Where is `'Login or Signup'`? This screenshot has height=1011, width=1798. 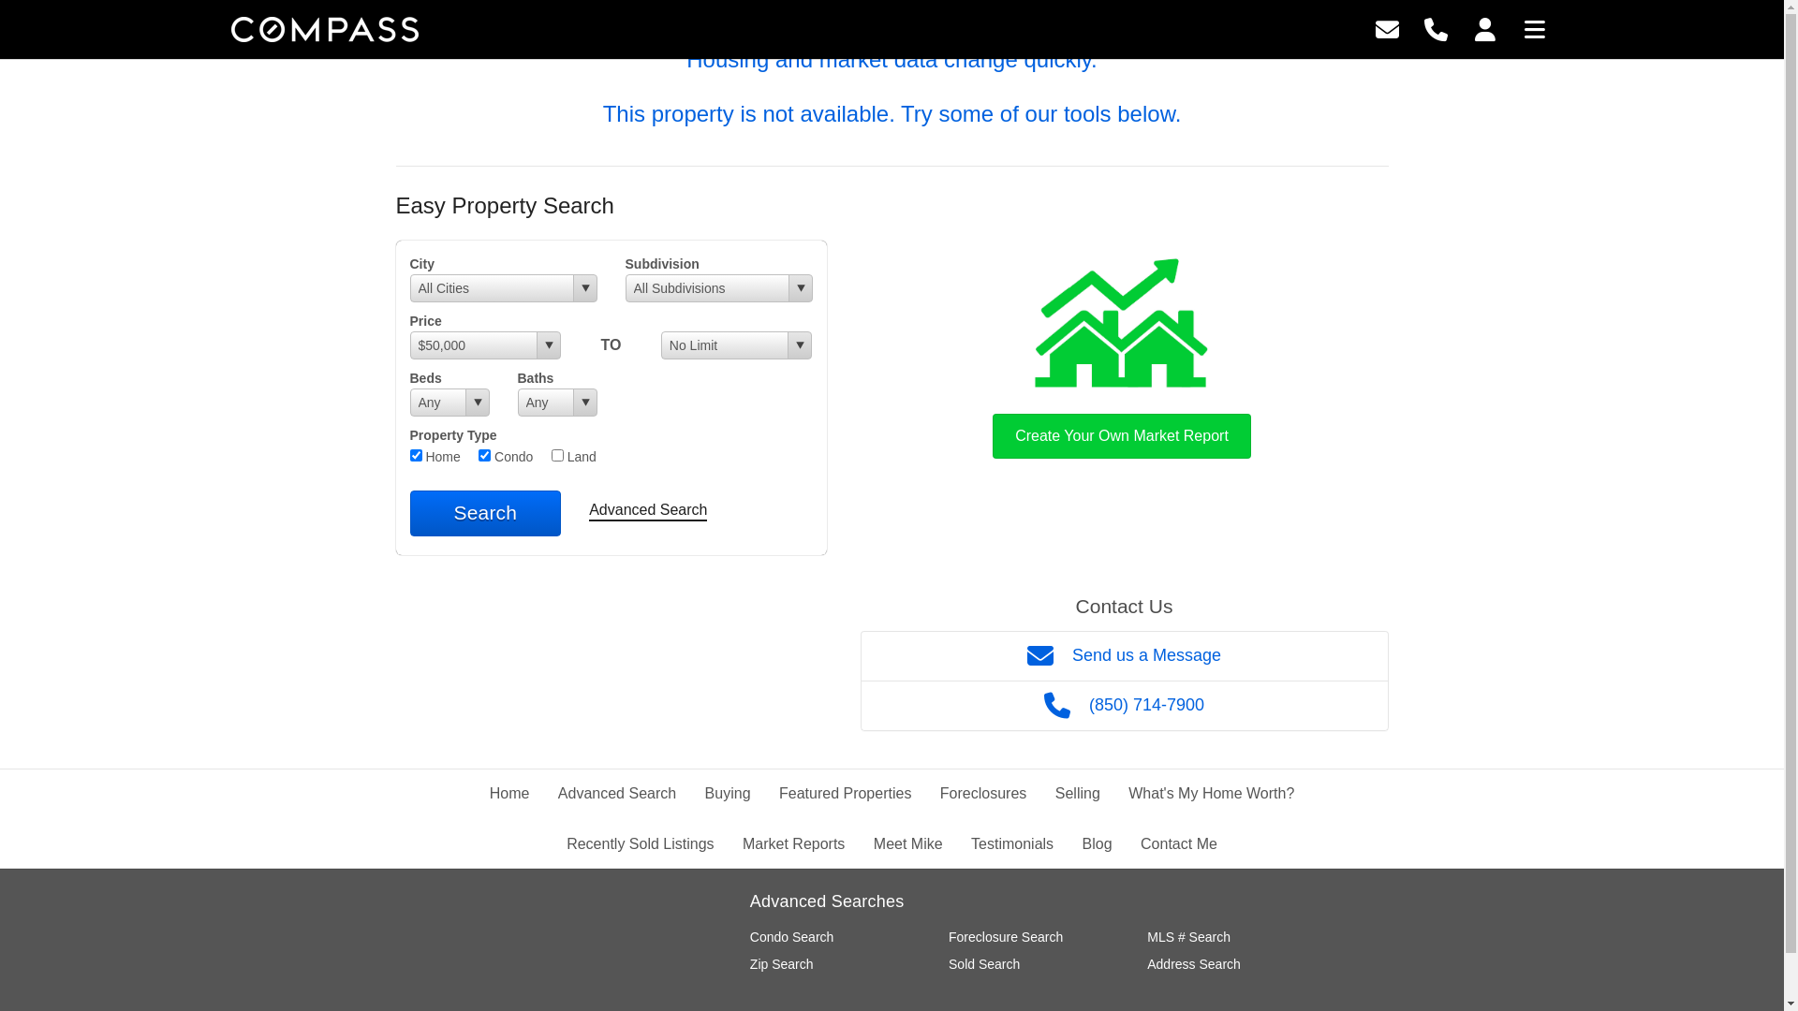
'Login or Signup' is located at coordinates (1473, 28).